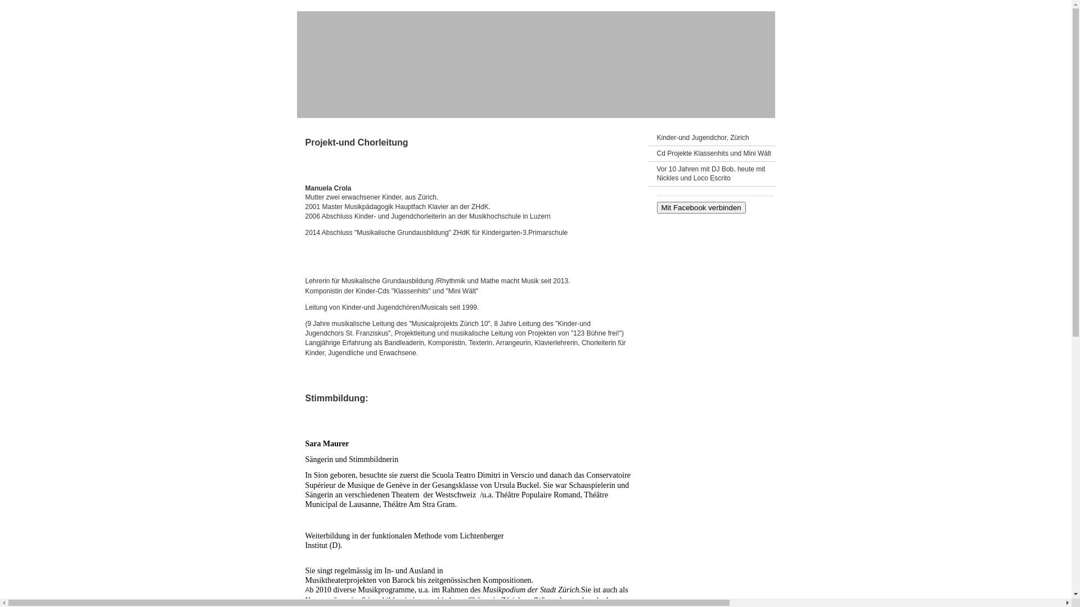 The image size is (1080, 607). What do you see at coordinates (710, 174) in the screenshot?
I see `'Vor 10 Jahren mit DJ Bob, heute mit Nickles und Loco Escrito'` at bounding box center [710, 174].